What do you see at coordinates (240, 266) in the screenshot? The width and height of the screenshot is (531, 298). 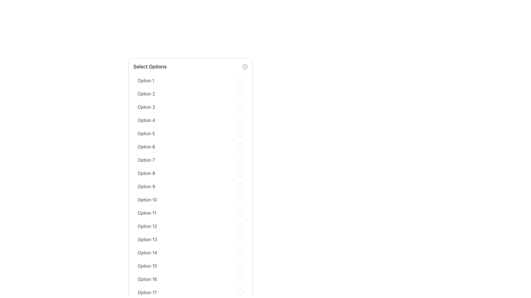 I see `the radio button` at bounding box center [240, 266].